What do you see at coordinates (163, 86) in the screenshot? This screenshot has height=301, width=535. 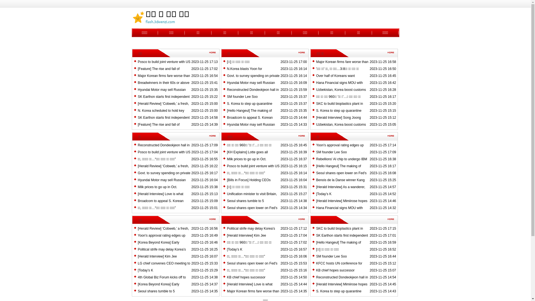 I see `'Breadwinners in their 60s or above double in 9 years'` at bounding box center [163, 86].